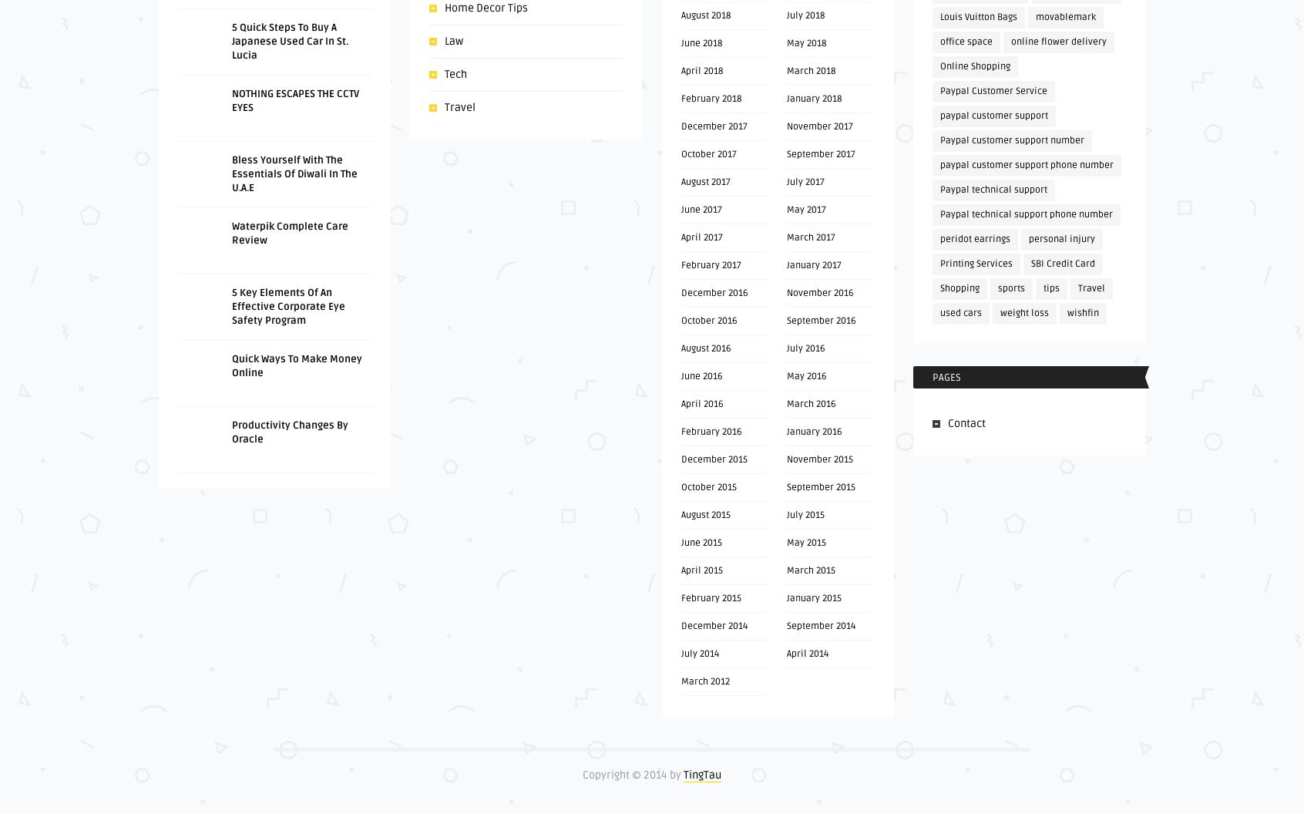 The width and height of the screenshot is (1304, 814). What do you see at coordinates (785, 264) in the screenshot?
I see `'January 2017'` at bounding box center [785, 264].